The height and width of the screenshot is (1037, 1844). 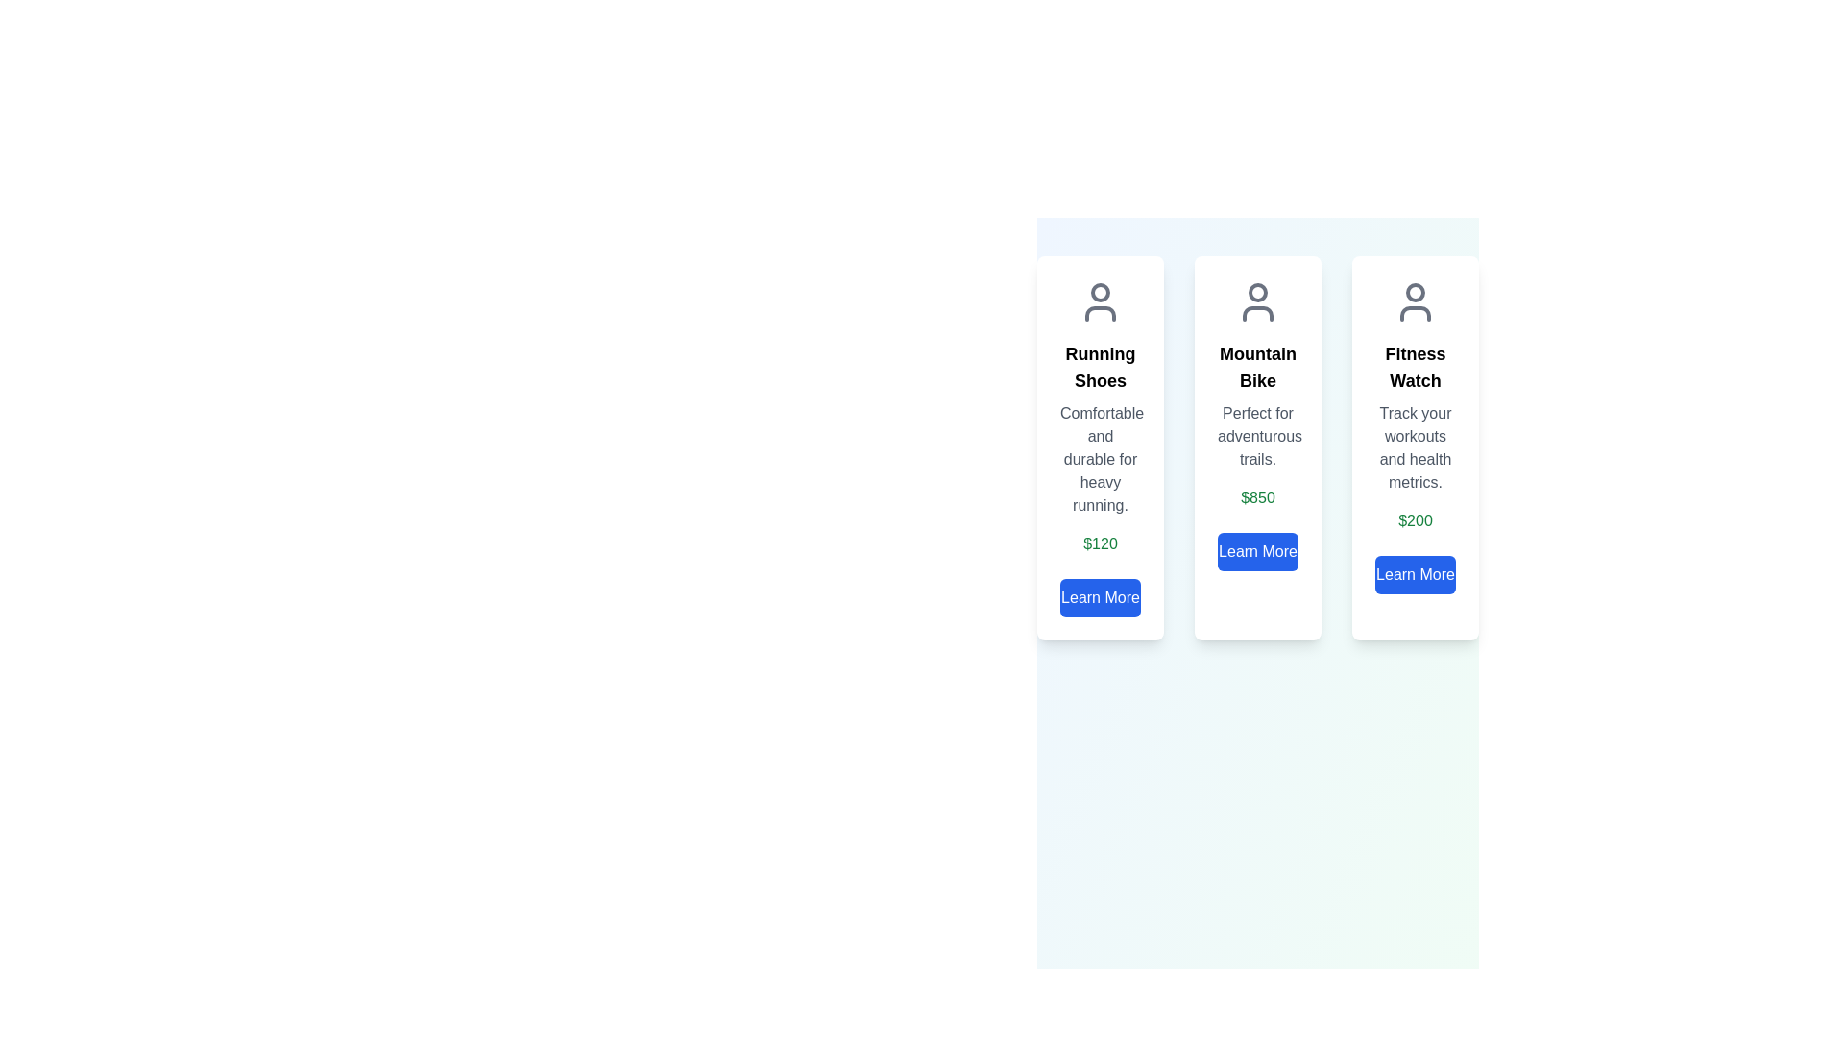 What do you see at coordinates (1101, 459) in the screenshot?
I see `the text element displaying 'Comfortable and durable for heavy running.' which is styled in light gray and positioned below the title 'Running Shoes' to trigger any associated tooltips or effects` at bounding box center [1101, 459].